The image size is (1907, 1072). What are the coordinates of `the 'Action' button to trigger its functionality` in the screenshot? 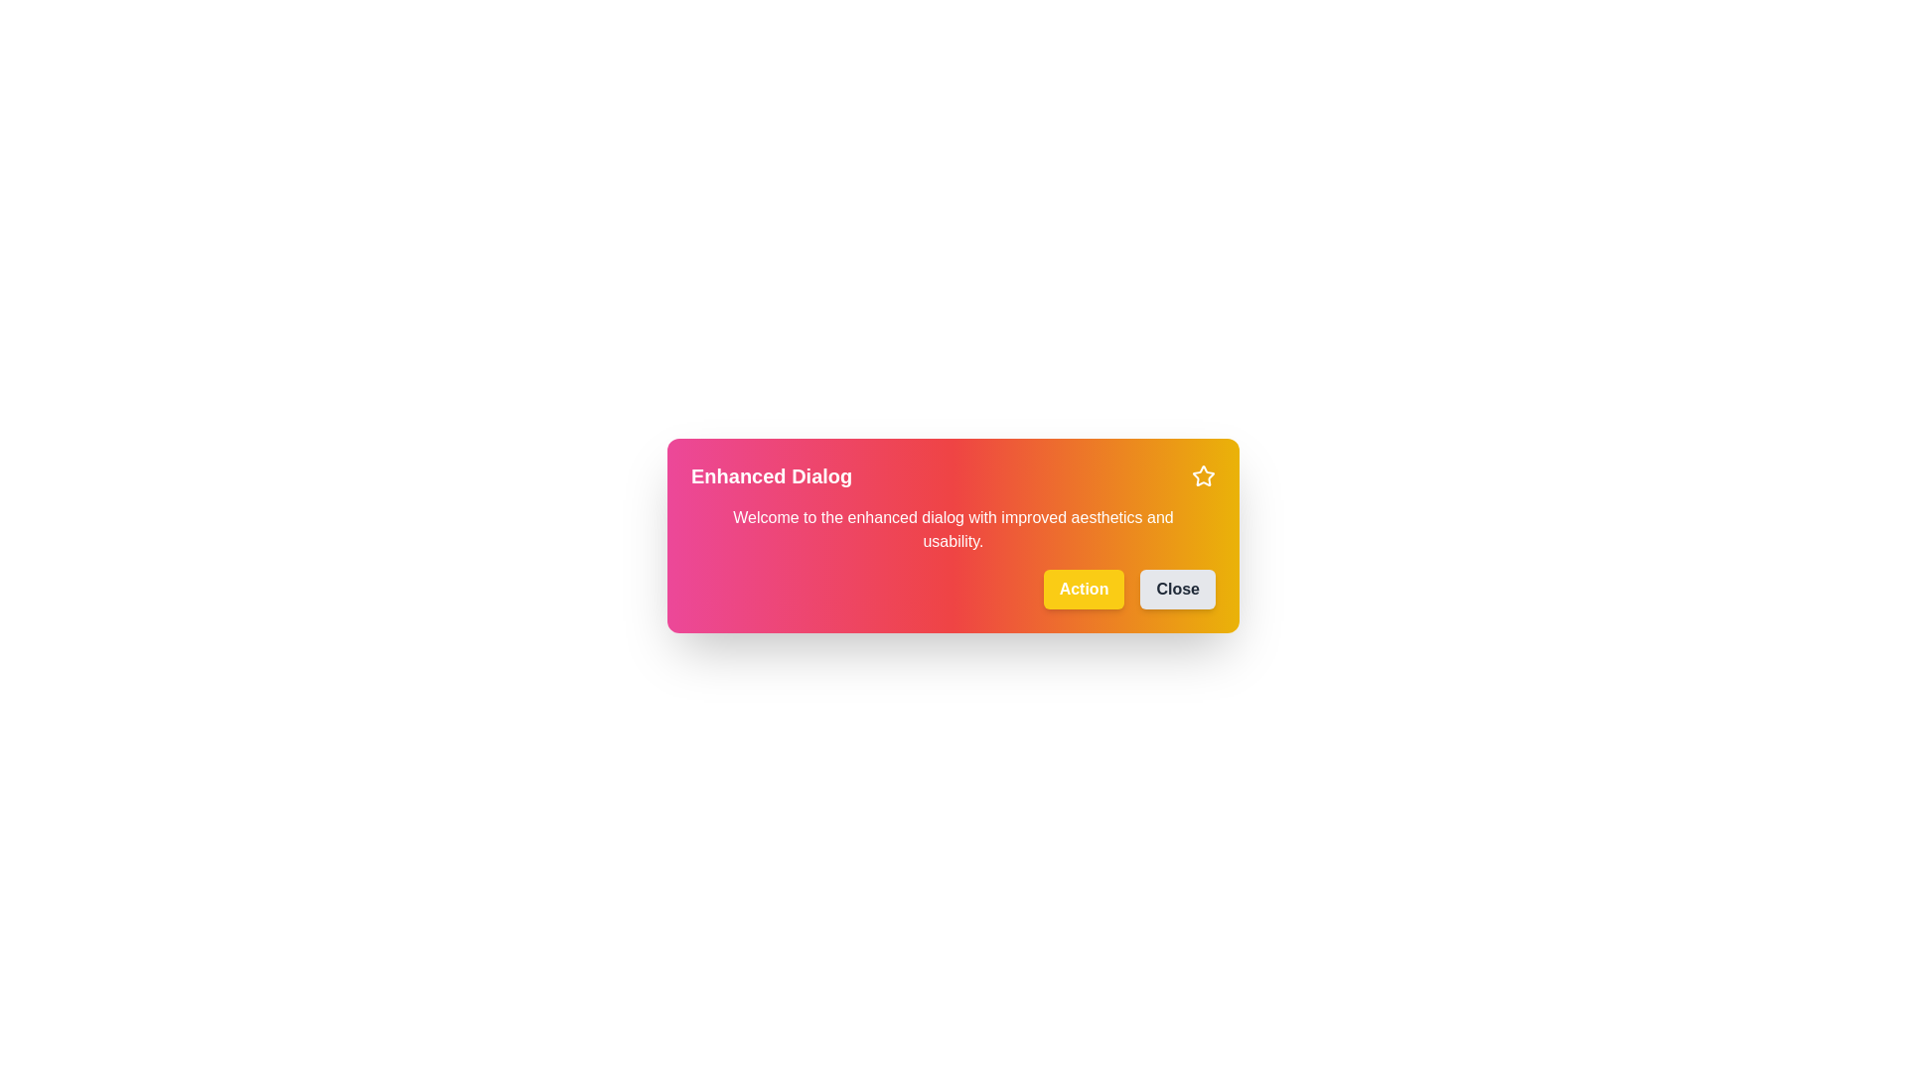 It's located at (1083, 589).